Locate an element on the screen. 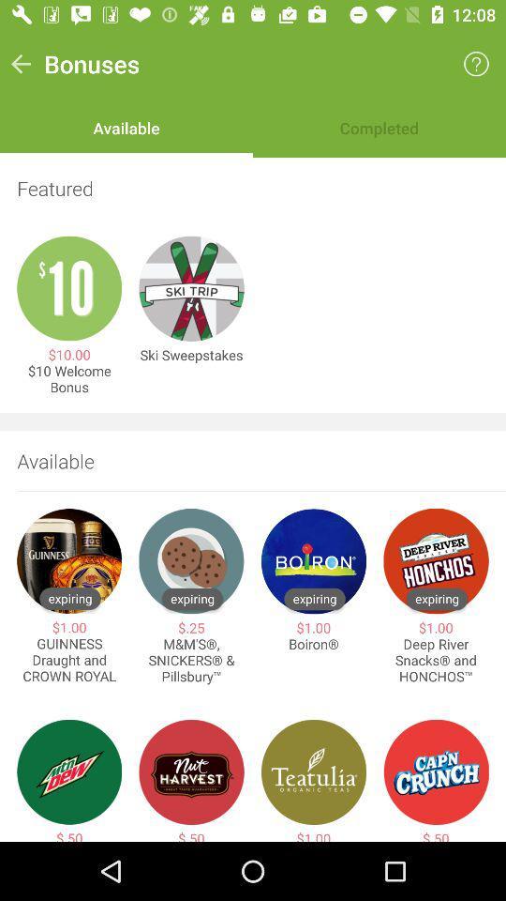  item below the $10 welcome bonus item is located at coordinates (253, 421).